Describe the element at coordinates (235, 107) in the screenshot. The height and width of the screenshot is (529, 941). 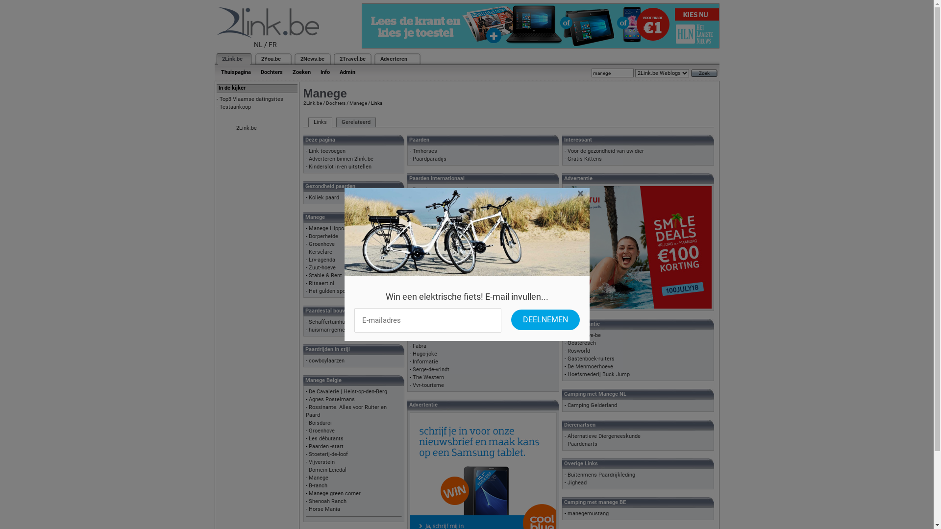
I see `'Testaankoop'` at that location.